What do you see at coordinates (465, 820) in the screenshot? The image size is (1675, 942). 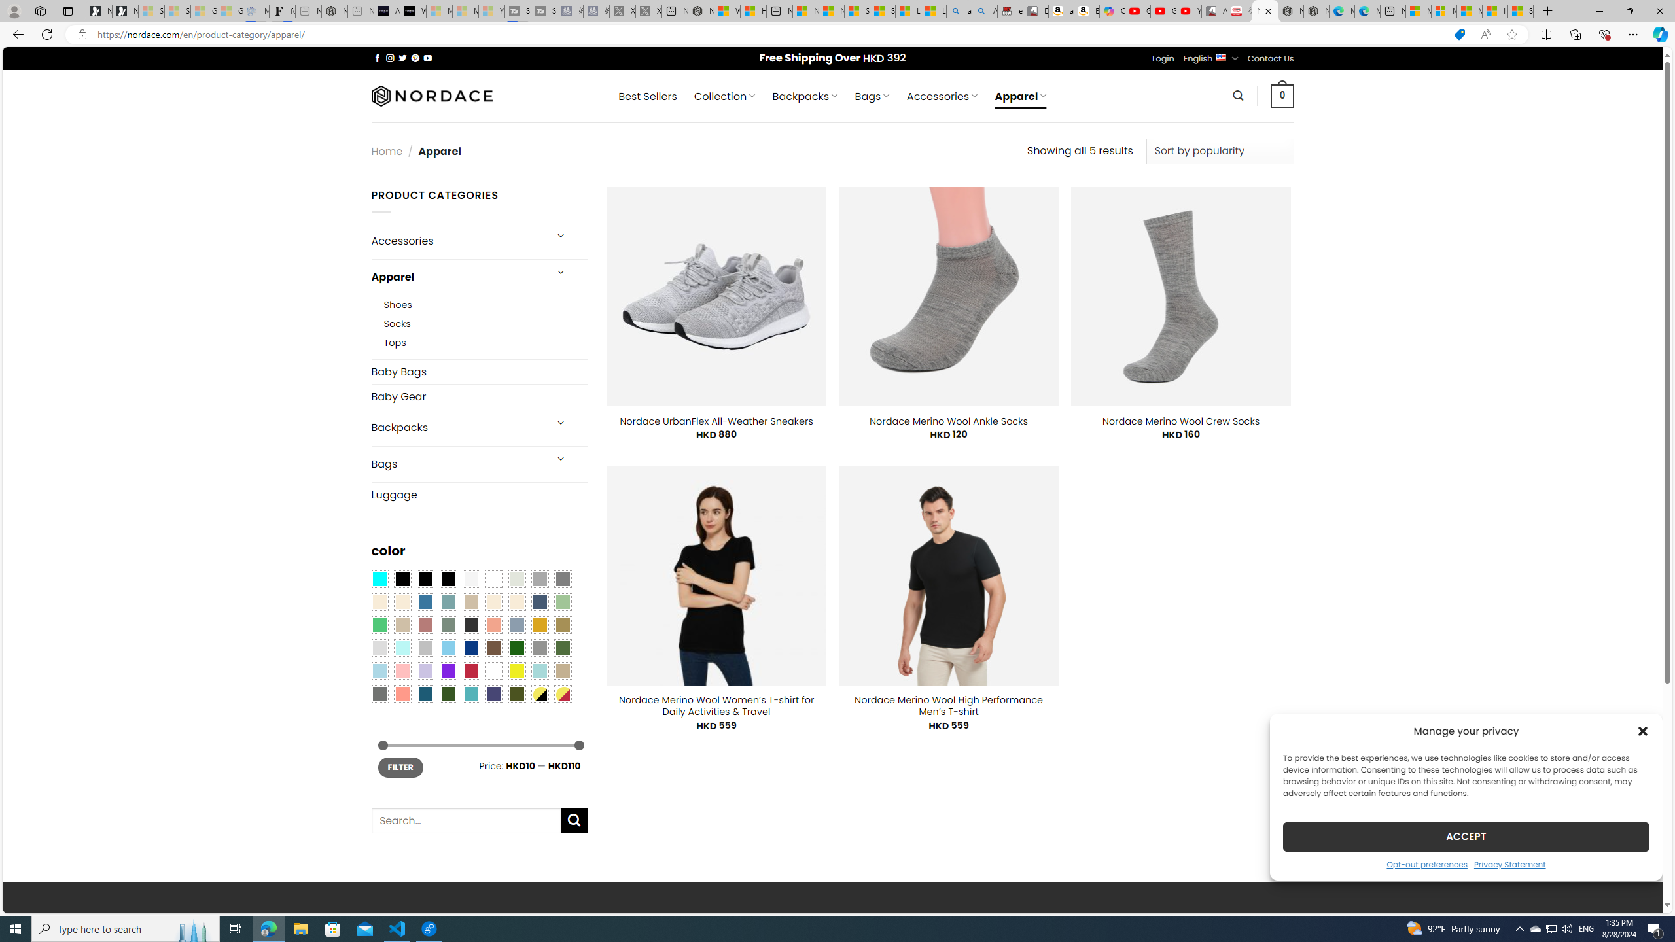 I see `'Search for:'` at bounding box center [465, 820].